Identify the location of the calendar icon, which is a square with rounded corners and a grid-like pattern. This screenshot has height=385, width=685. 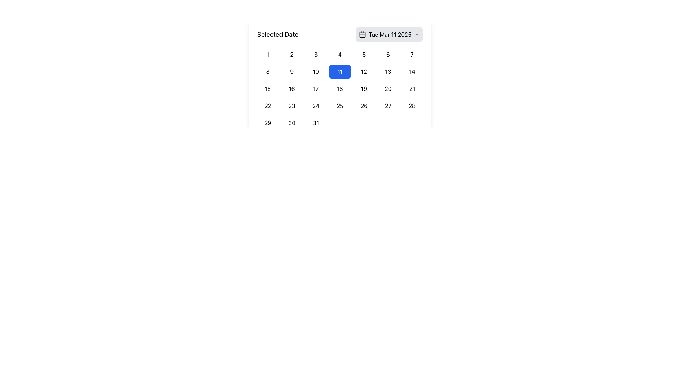
(362, 34).